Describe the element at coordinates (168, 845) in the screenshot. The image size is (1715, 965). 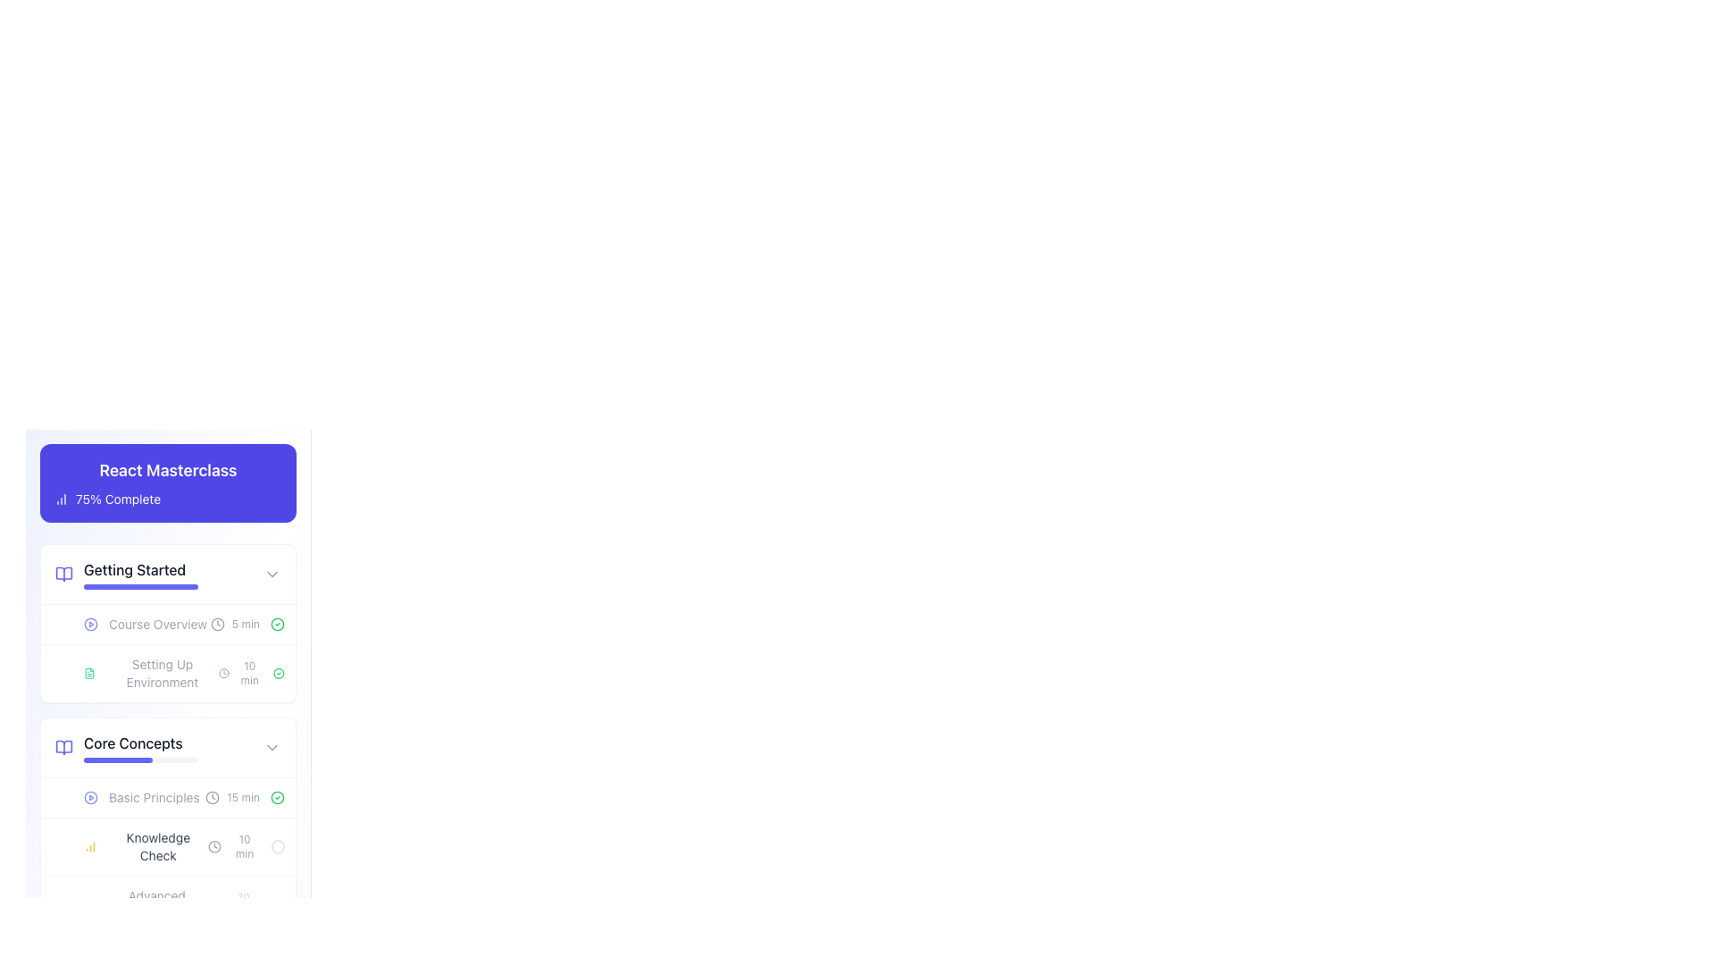
I see `the second row list item in the 'Core Concepts' section for the 'Knowledge Check' module, which indicates a time estimation of 10 minutes` at that location.